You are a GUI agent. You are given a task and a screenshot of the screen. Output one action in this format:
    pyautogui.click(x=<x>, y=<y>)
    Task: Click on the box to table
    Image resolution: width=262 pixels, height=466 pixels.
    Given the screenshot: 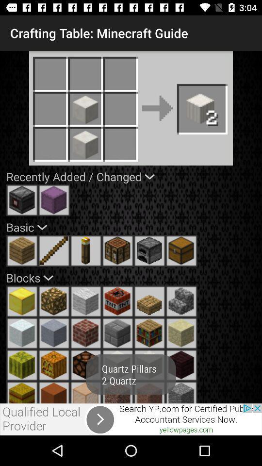 What is the action you would take?
    pyautogui.click(x=181, y=250)
    